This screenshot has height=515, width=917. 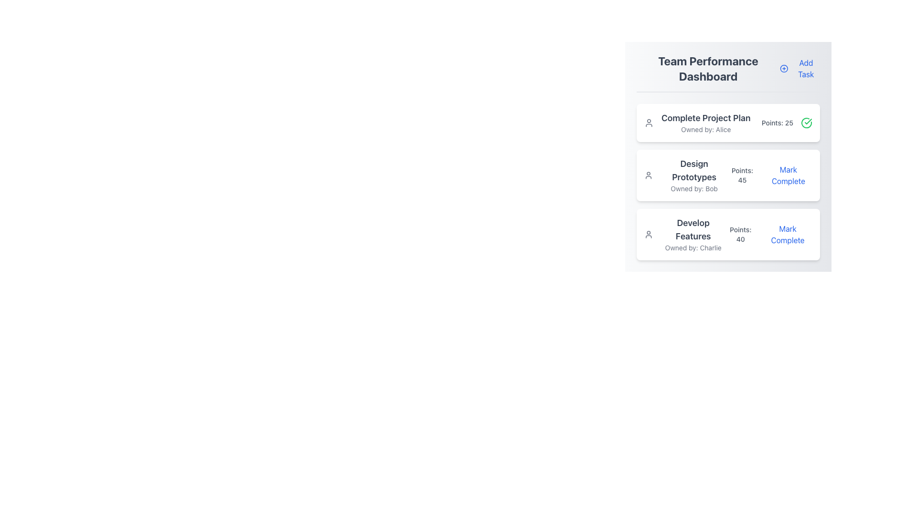 I want to click on bold header text displaying 'Team Performance Dashboard' located at the top of the content area, which is centered and positioned above the task list, so click(x=708, y=68).